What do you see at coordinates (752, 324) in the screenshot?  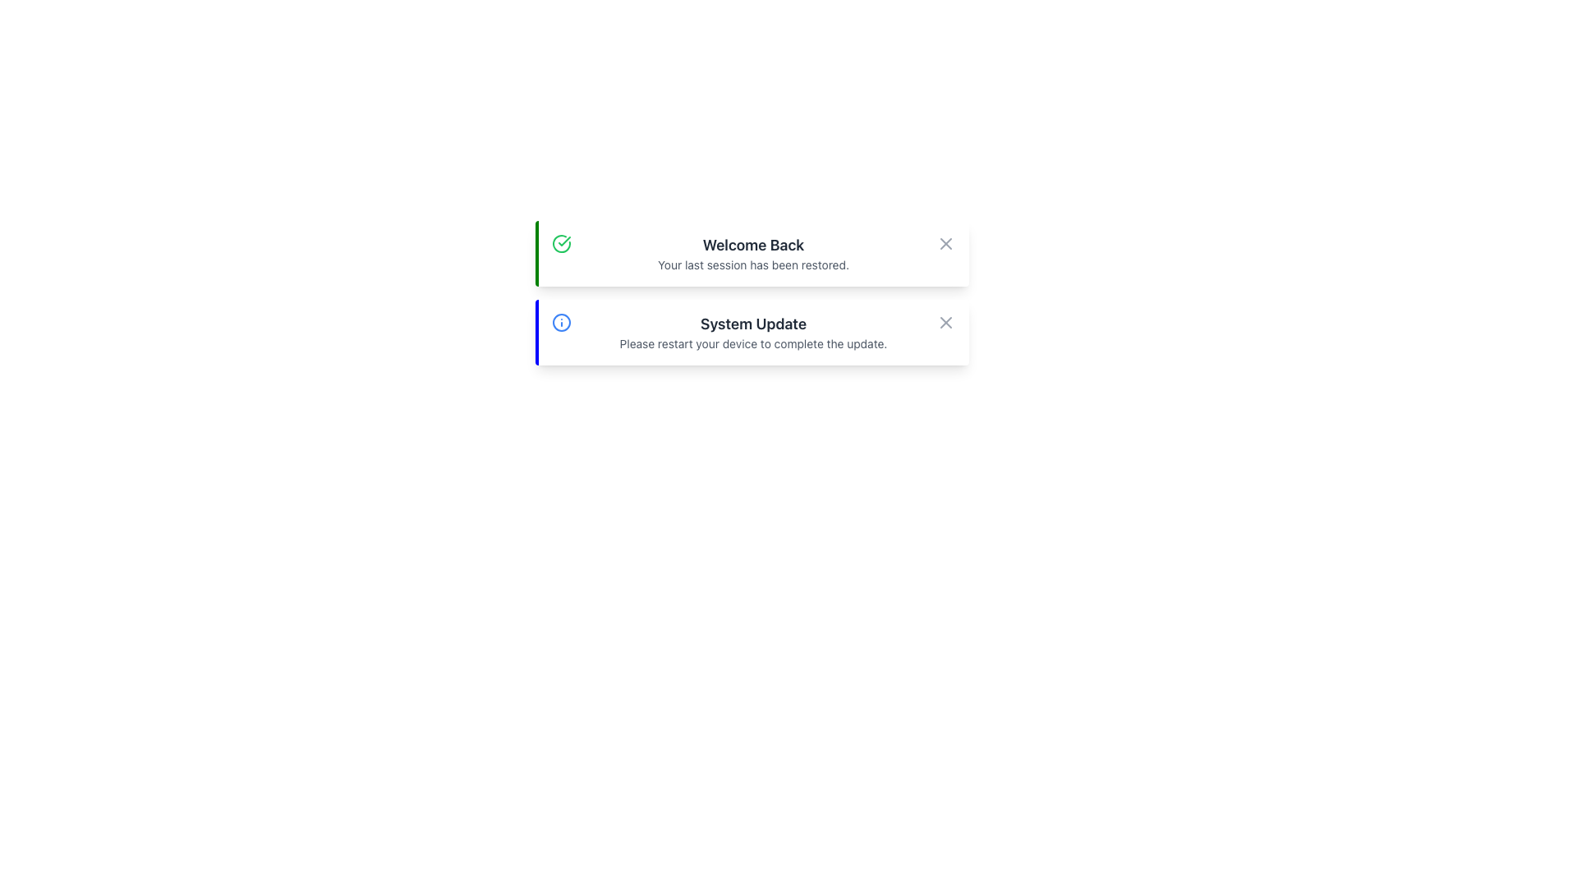 I see `text content of the 'System Update' label located at the top of the second notification panel, which is styled in bold and dark gray color` at bounding box center [752, 324].